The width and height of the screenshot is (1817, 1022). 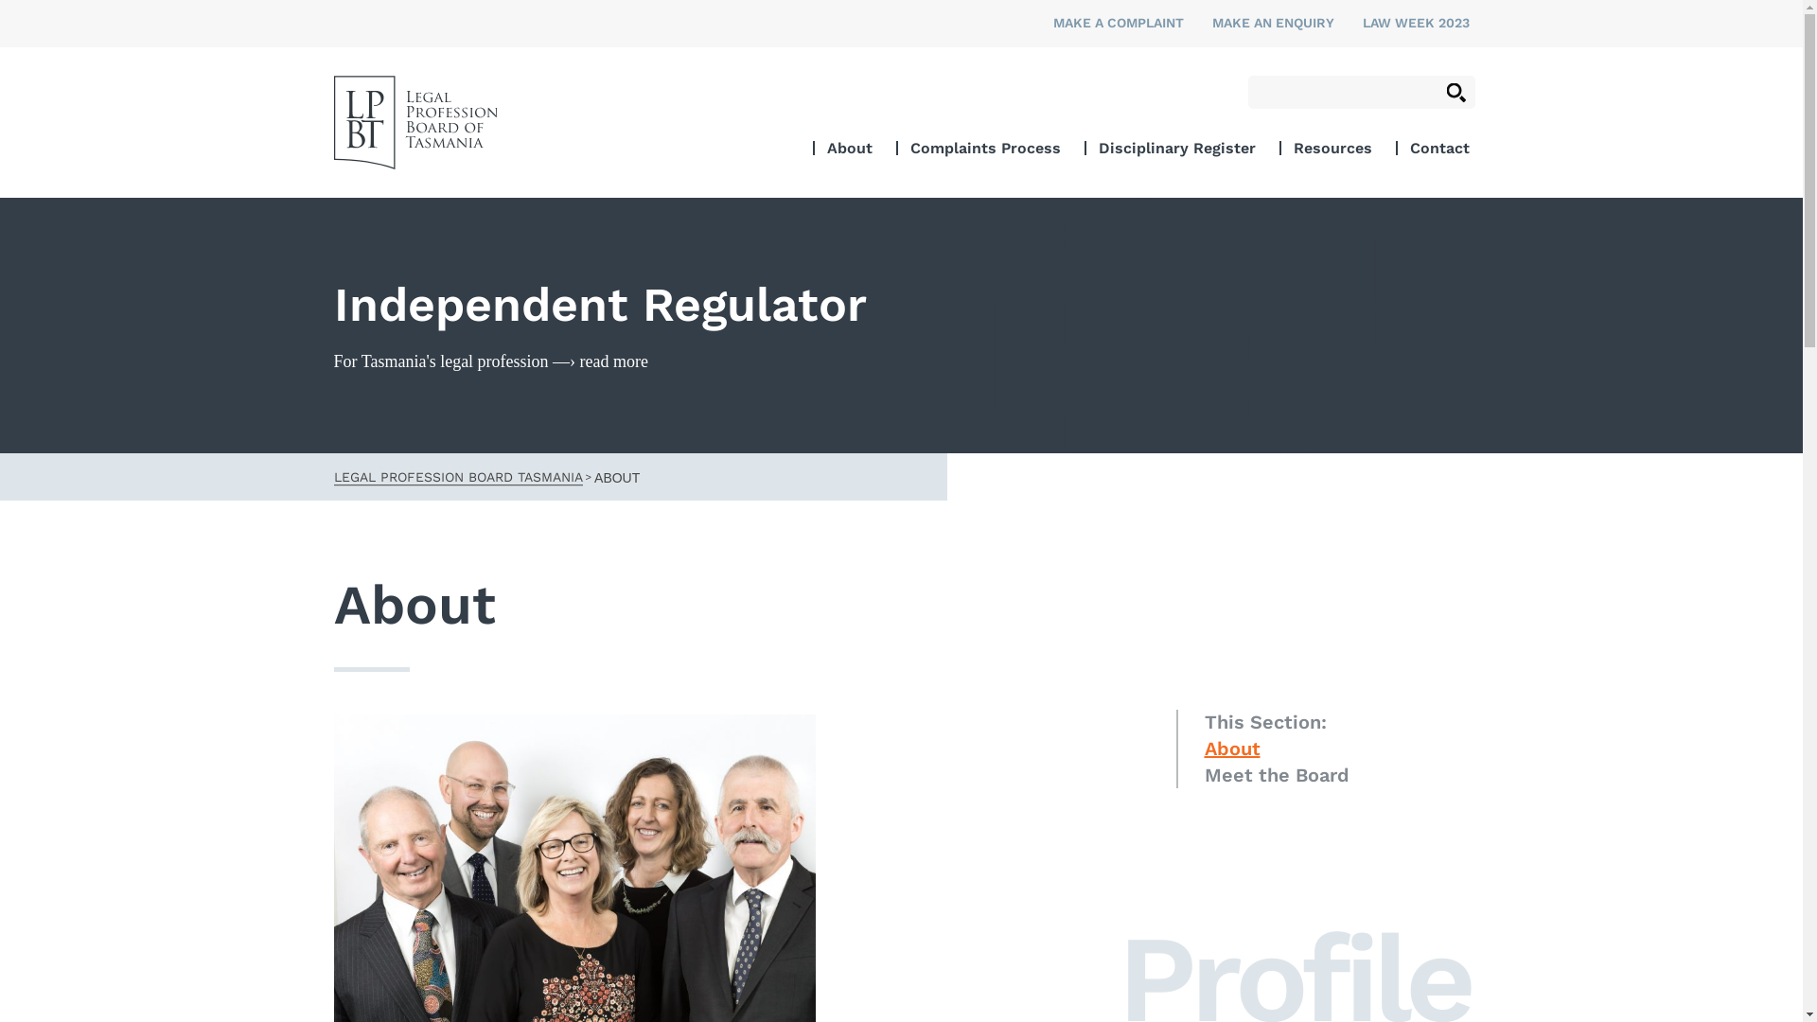 I want to click on 'LEGAL PROFESSION BOARD TASMANIA', so click(x=457, y=474).